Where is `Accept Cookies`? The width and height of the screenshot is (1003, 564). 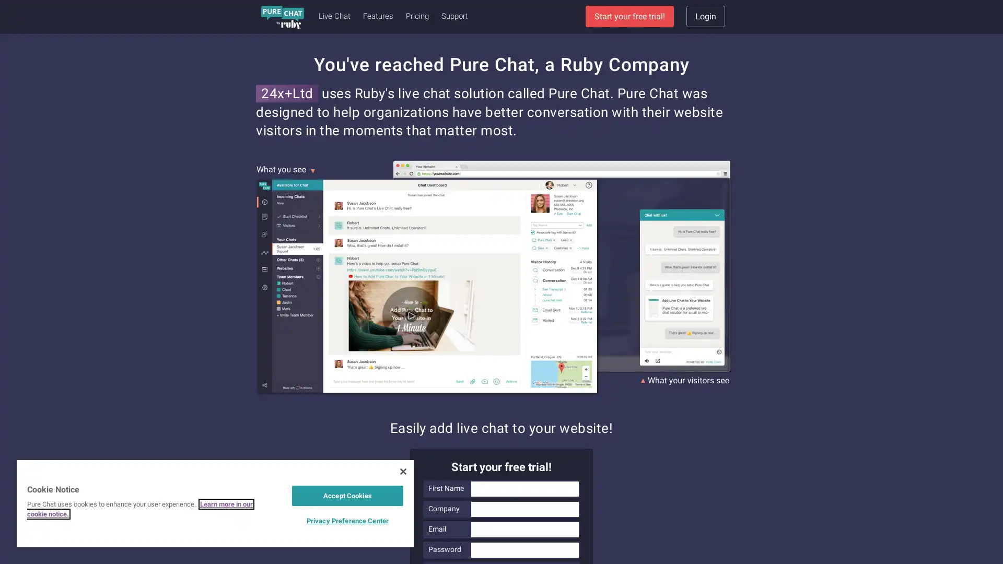 Accept Cookies is located at coordinates (347, 495).